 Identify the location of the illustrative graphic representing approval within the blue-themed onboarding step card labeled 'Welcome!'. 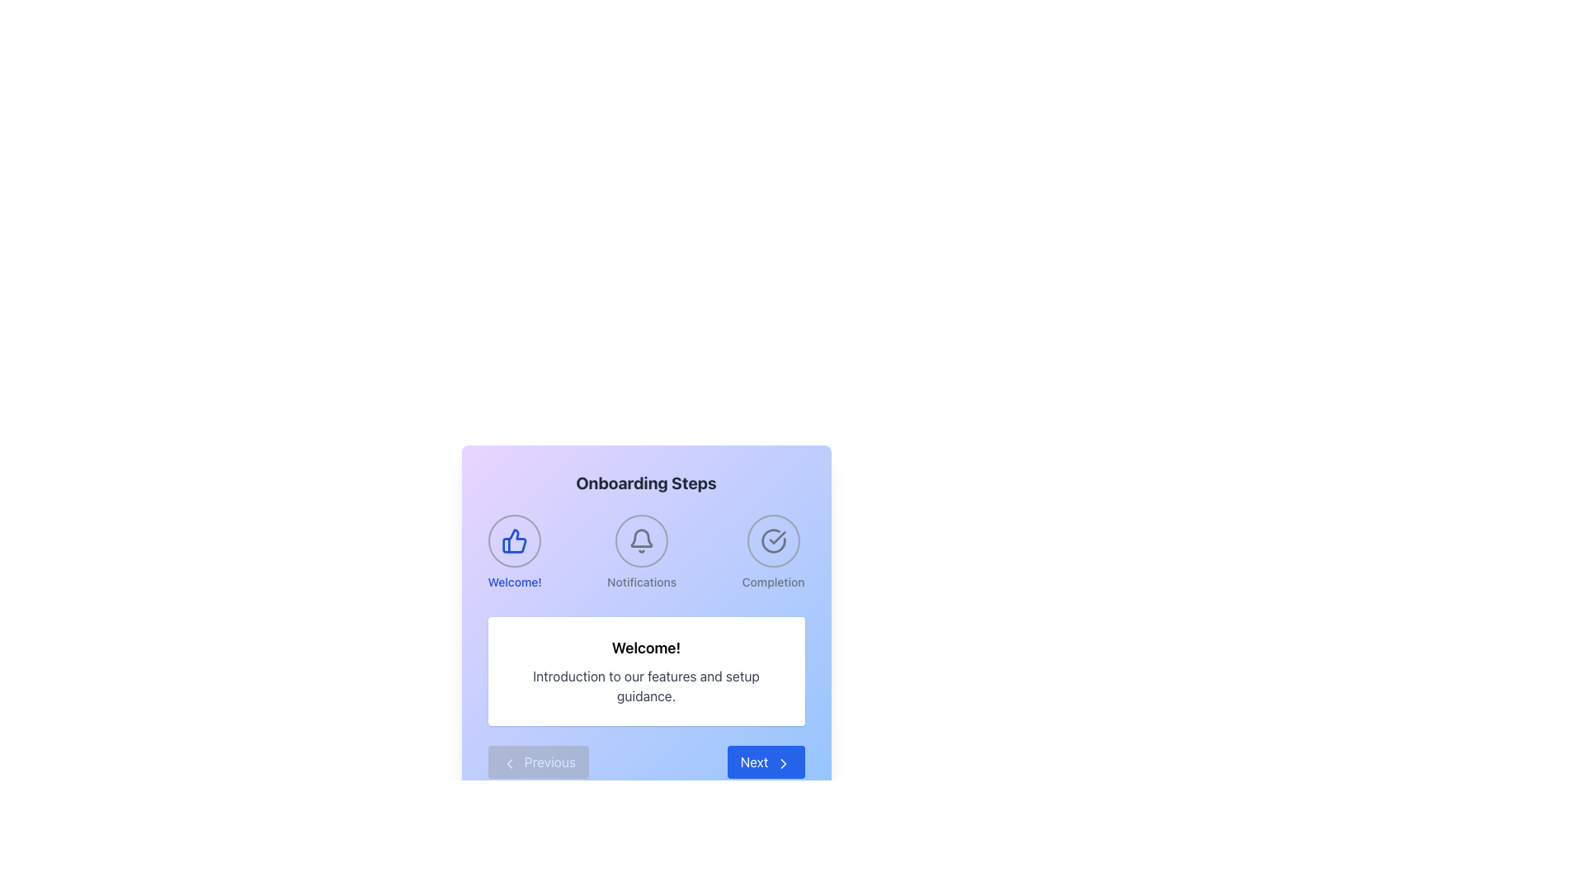
(514, 540).